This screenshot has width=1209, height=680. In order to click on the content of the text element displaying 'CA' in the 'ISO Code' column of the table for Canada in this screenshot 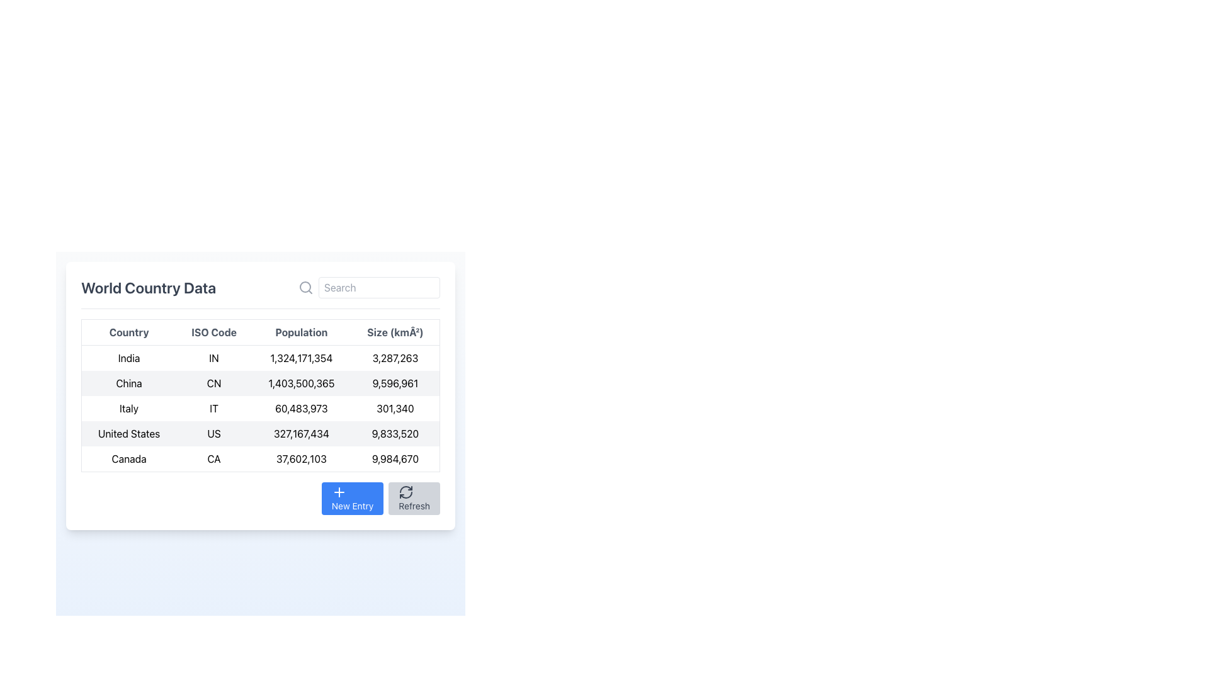, I will do `click(214, 459)`.